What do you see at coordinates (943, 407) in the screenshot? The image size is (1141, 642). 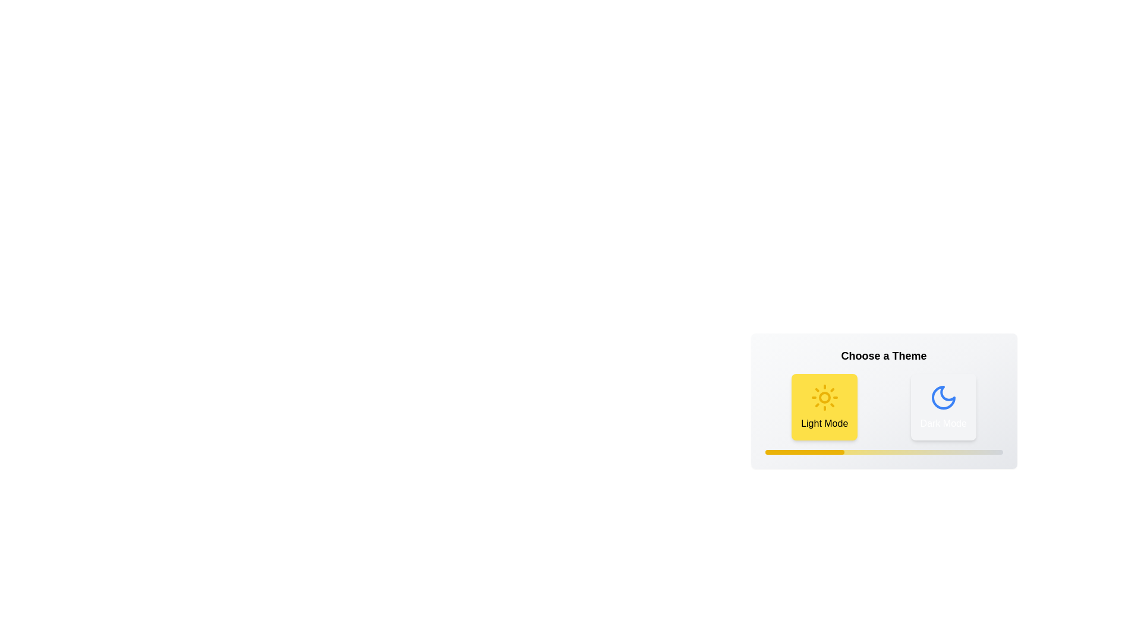 I see `the 'Dark Mode' button to observe the hover effect` at bounding box center [943, 407].